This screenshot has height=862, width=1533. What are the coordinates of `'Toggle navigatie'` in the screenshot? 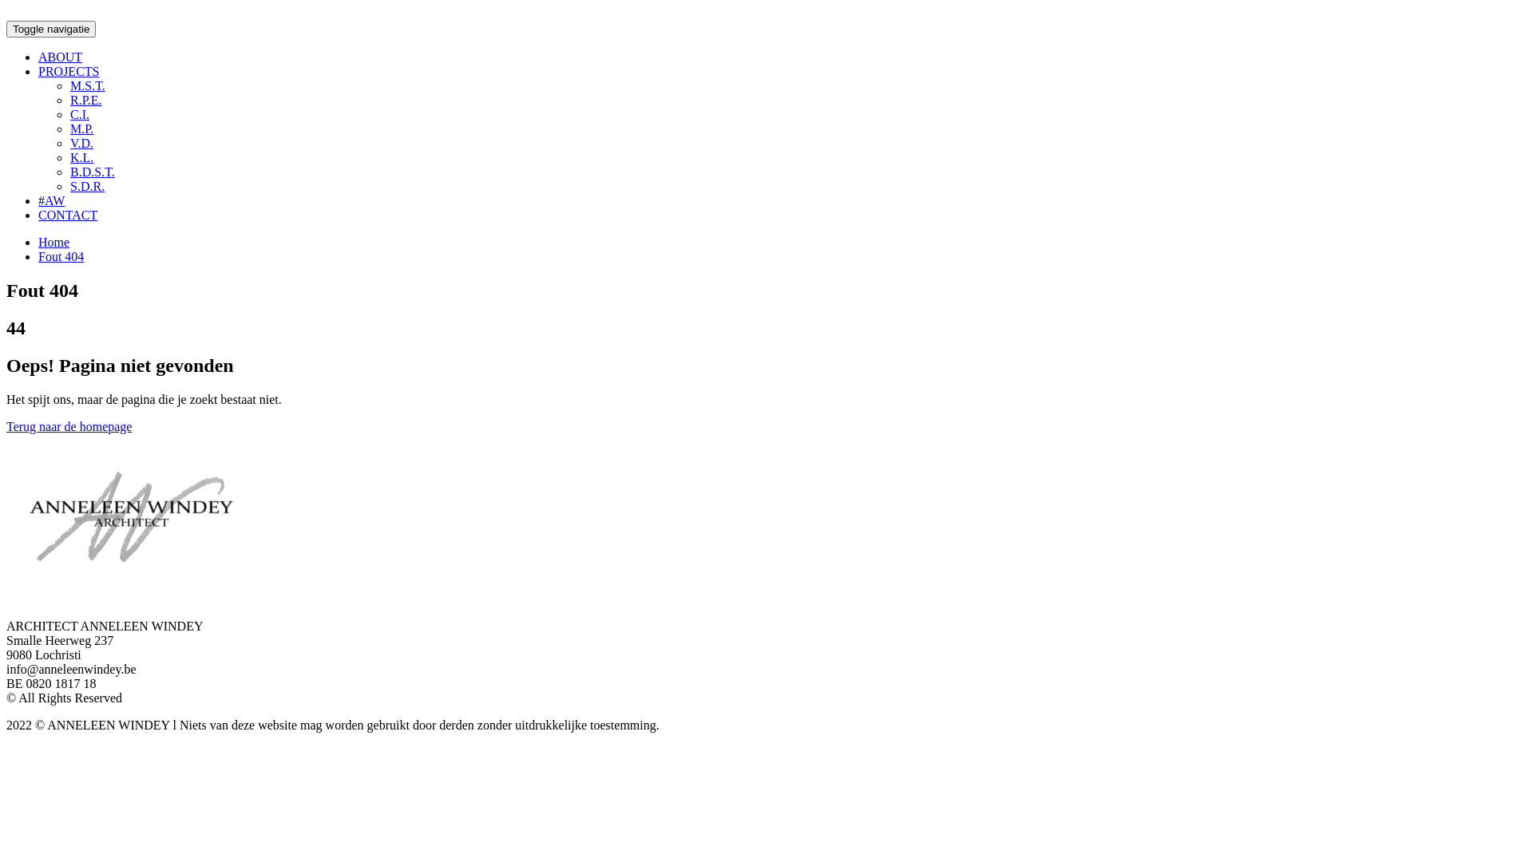 It's located at (6, 29).